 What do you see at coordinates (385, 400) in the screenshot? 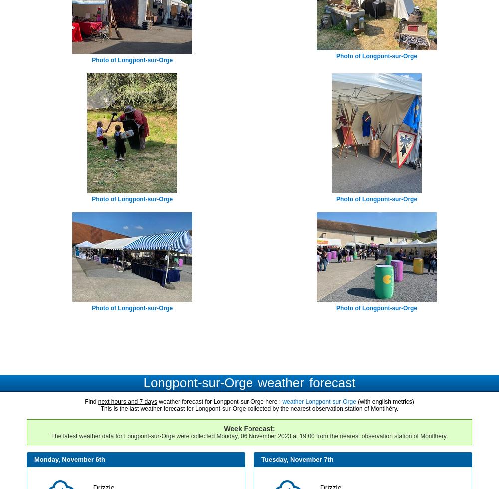
I see `'(with english metrics)'` at bounding box center [385, 400].